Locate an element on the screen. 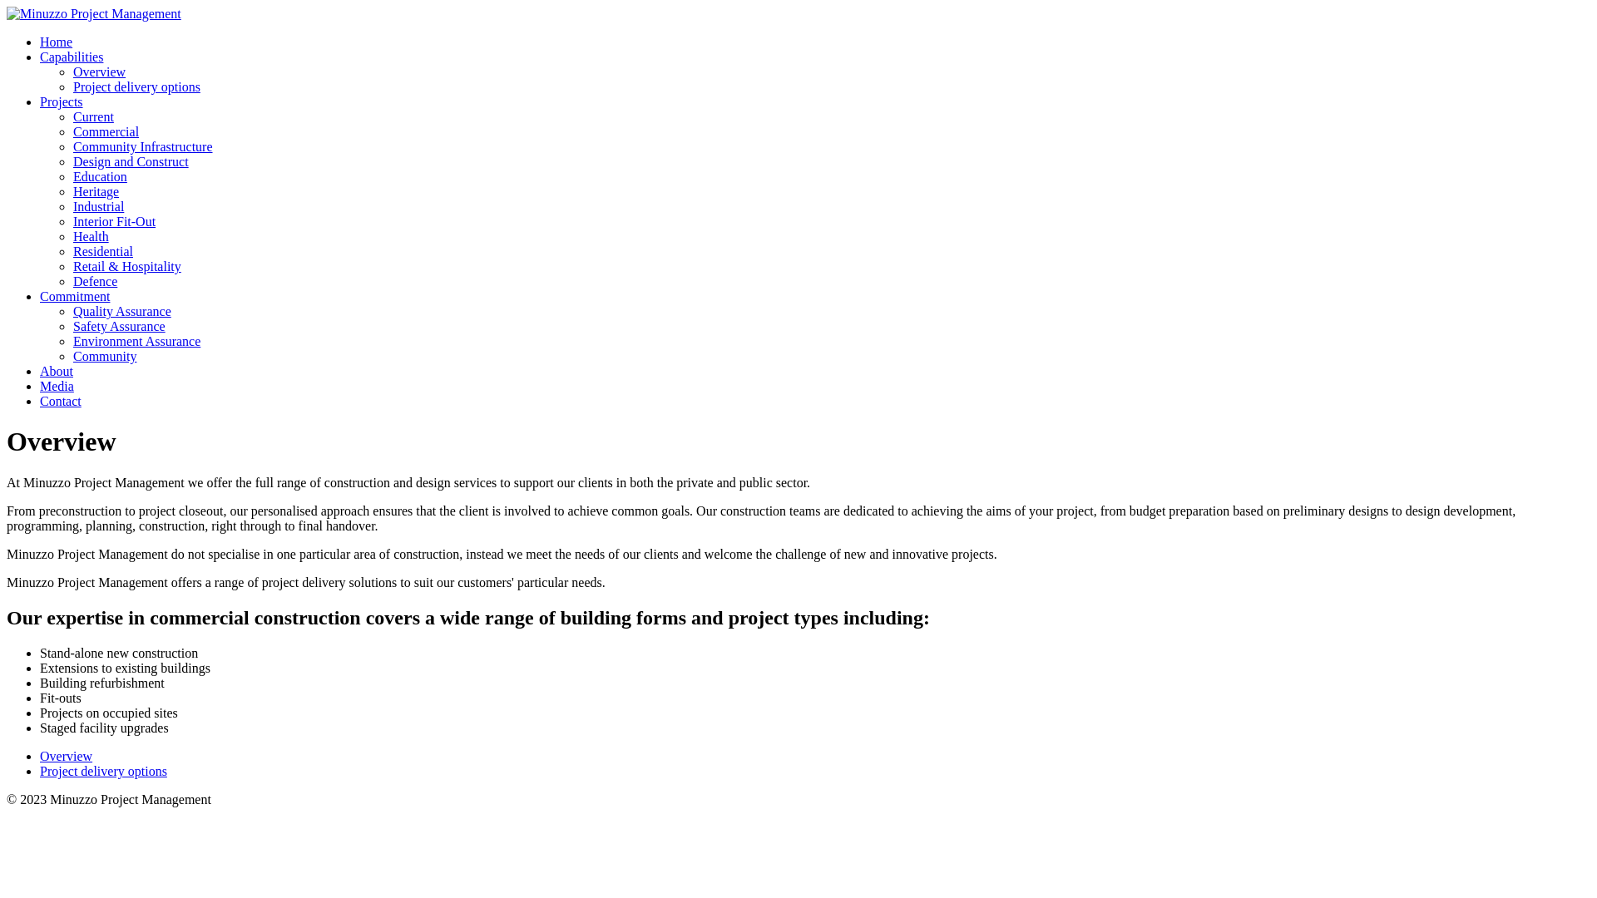 The image size is (1597, 898). 'Design and Construct' is located at coordinates (130, 161).